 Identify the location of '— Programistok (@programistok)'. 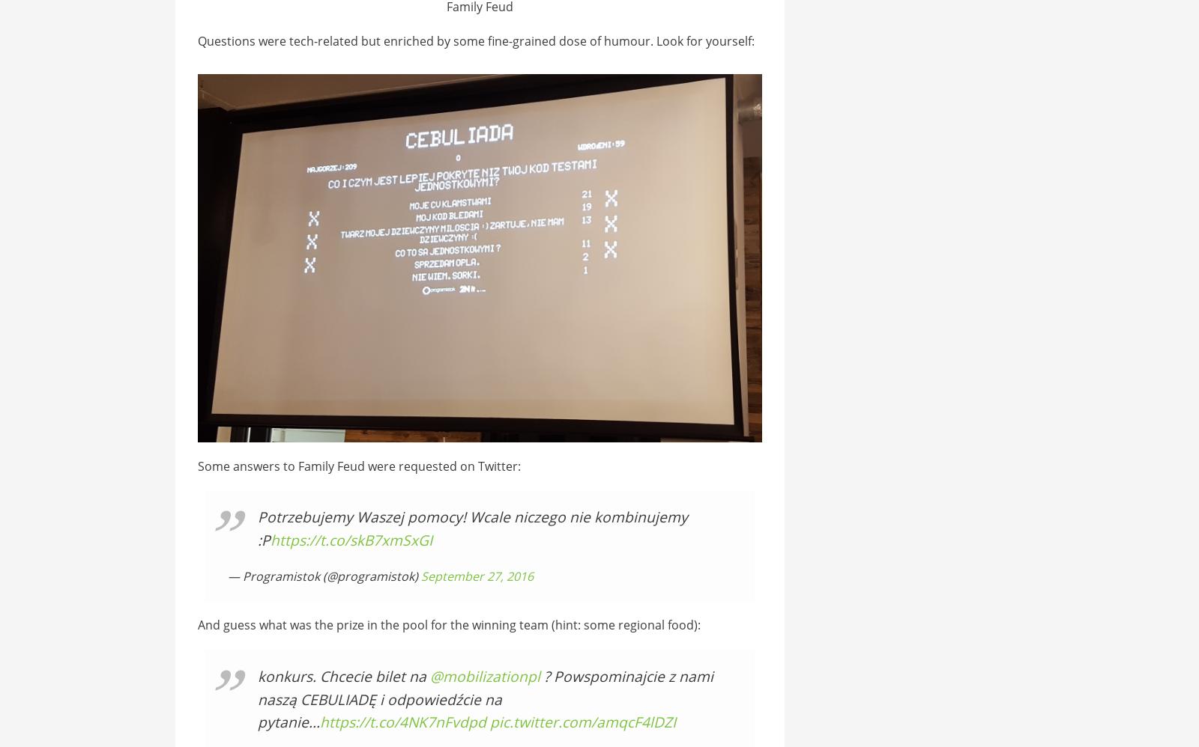
(323, 574).